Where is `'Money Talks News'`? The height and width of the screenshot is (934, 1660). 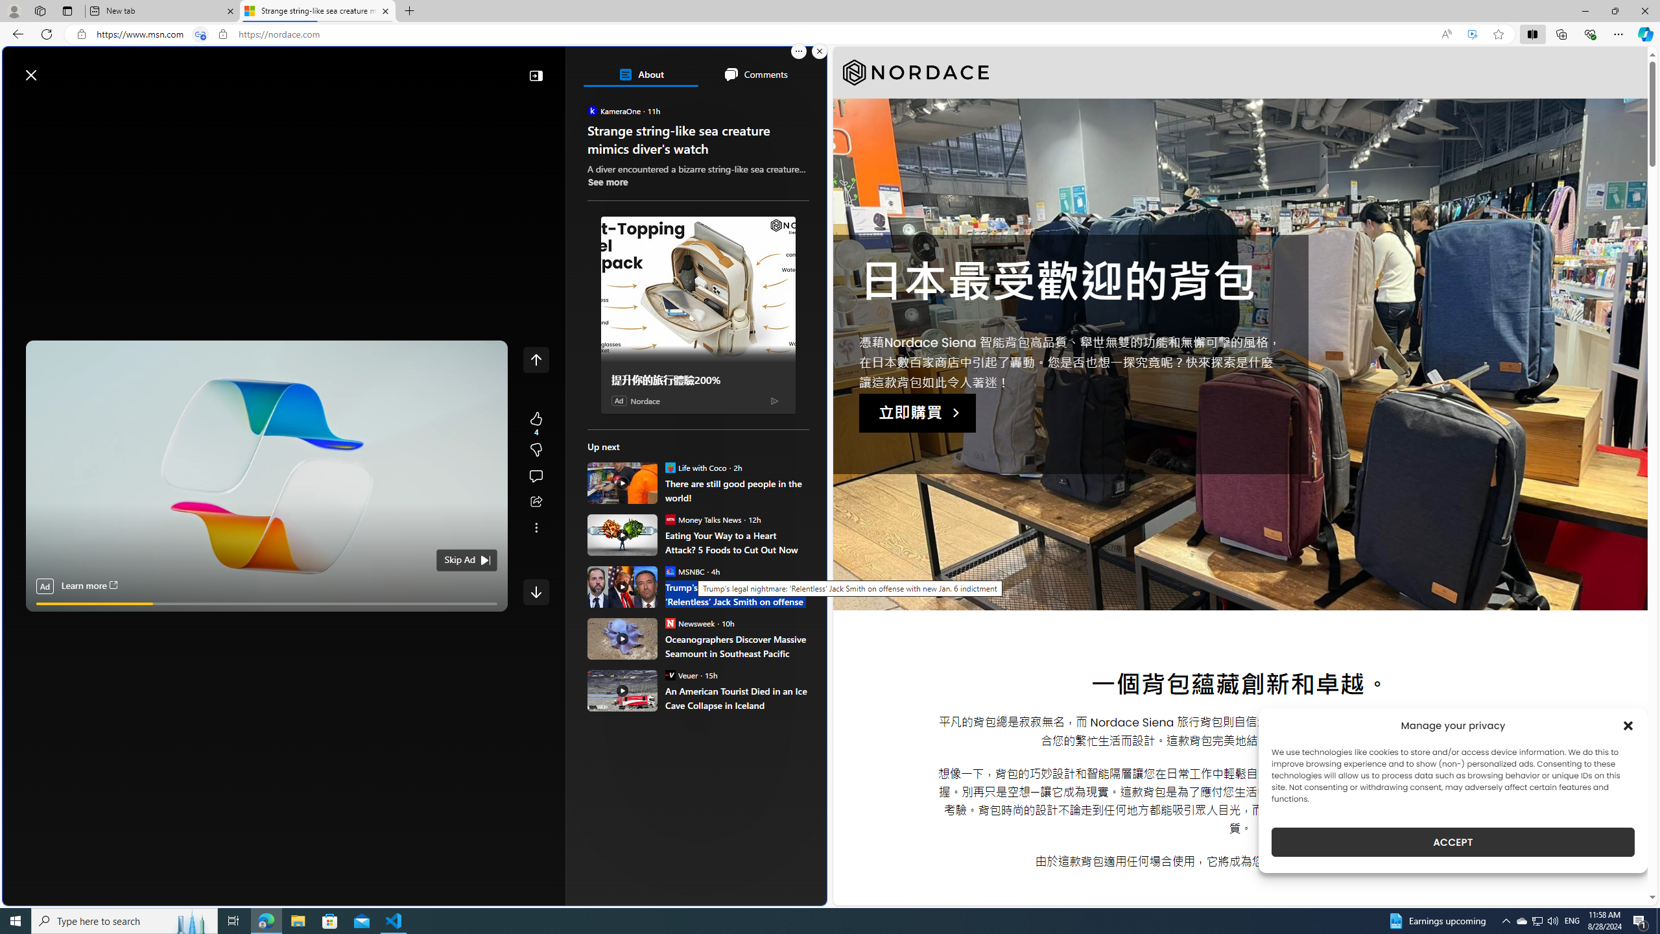 'Money Talks News' is located at coordinates (669, 519).